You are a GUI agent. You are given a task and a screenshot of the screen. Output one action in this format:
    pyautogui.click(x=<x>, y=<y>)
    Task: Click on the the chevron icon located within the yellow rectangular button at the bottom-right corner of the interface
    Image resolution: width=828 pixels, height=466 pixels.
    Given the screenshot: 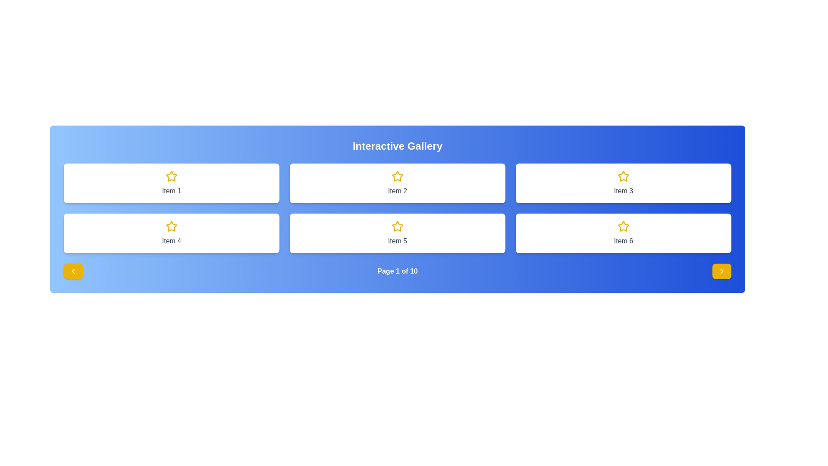 What is the action you would take?
    pyautogui.click(x=722, y=271)
    